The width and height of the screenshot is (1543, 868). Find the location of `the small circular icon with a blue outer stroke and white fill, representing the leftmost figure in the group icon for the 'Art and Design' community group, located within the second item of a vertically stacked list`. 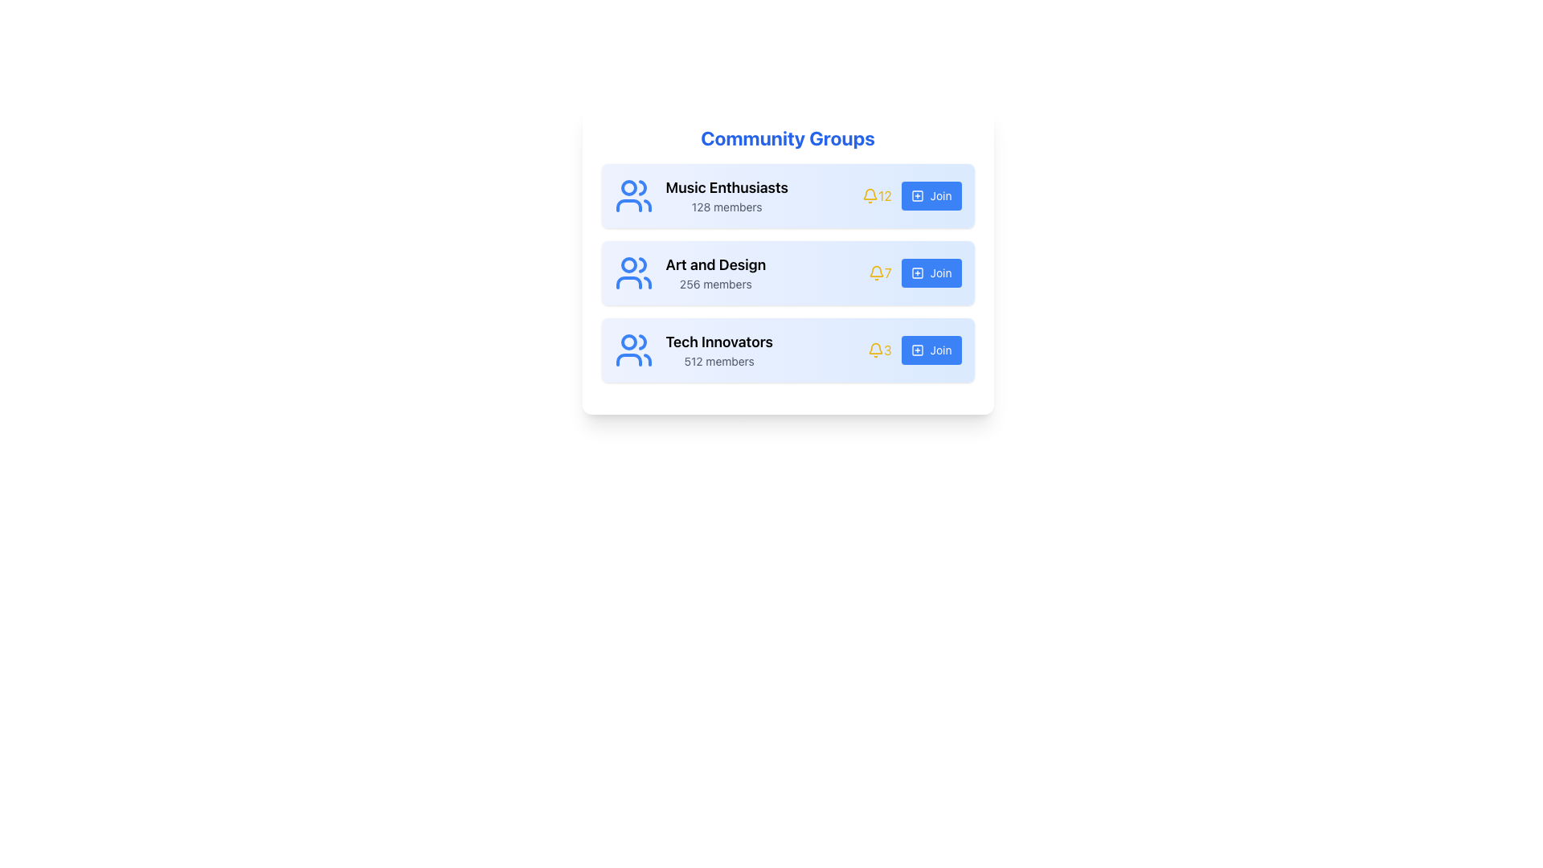

the small circular icon with a blue outer stroke and white fill, representing the leftmost figure in the group icon for the 'Art and Design' community group, located within the second item of a vertically stacked list is located at coordinates (628, 264).